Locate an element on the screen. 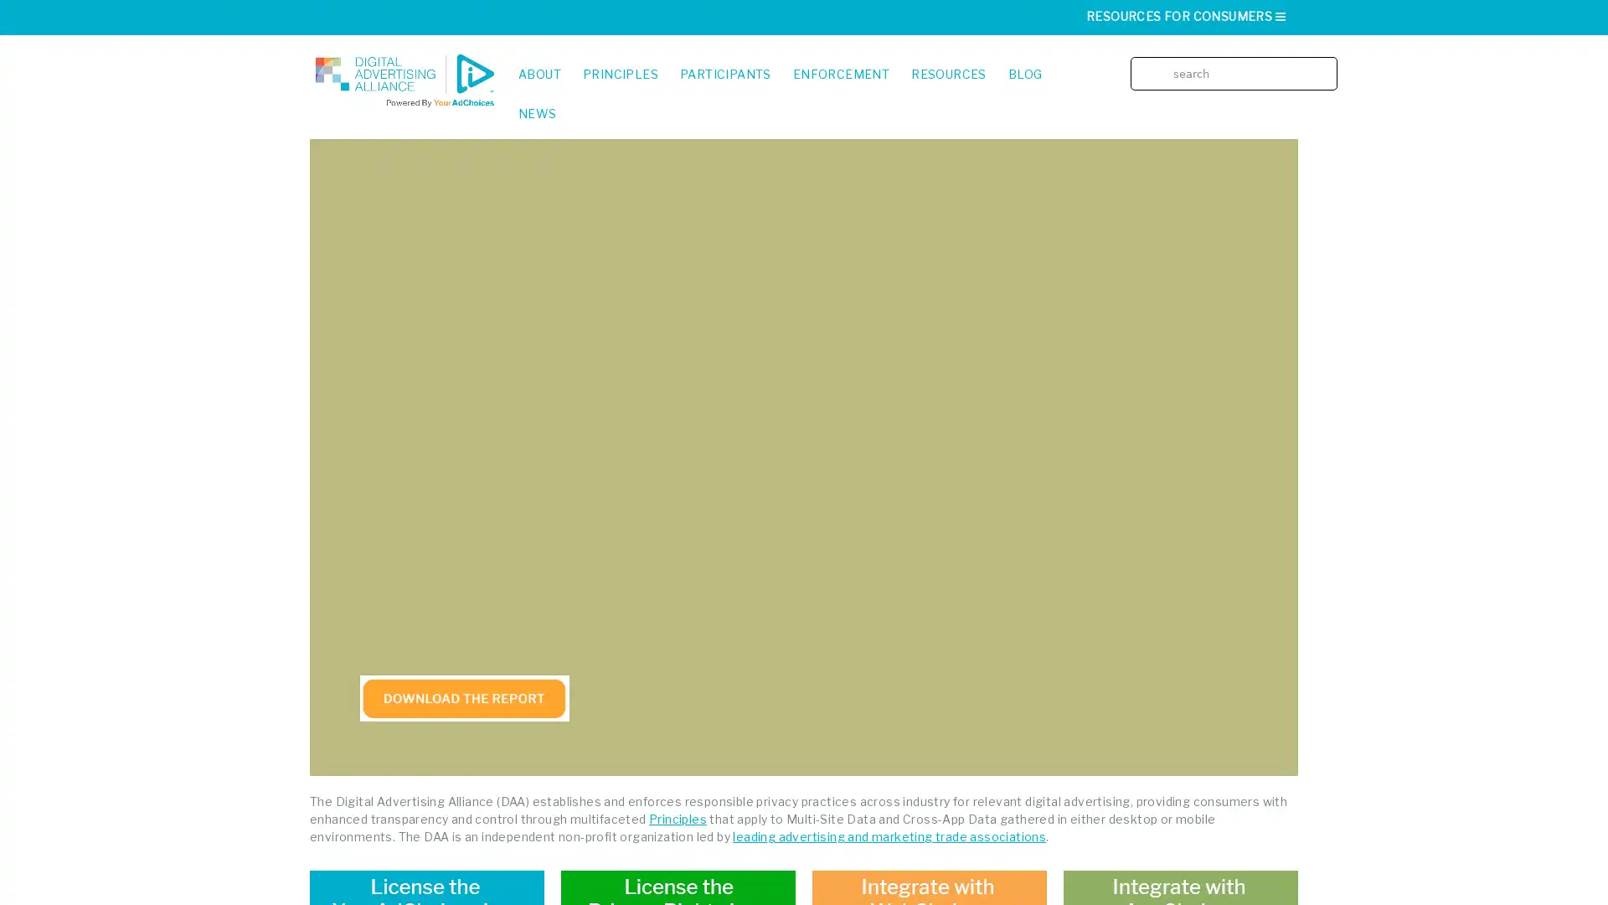  Search is located at coordinates (1330, 60).